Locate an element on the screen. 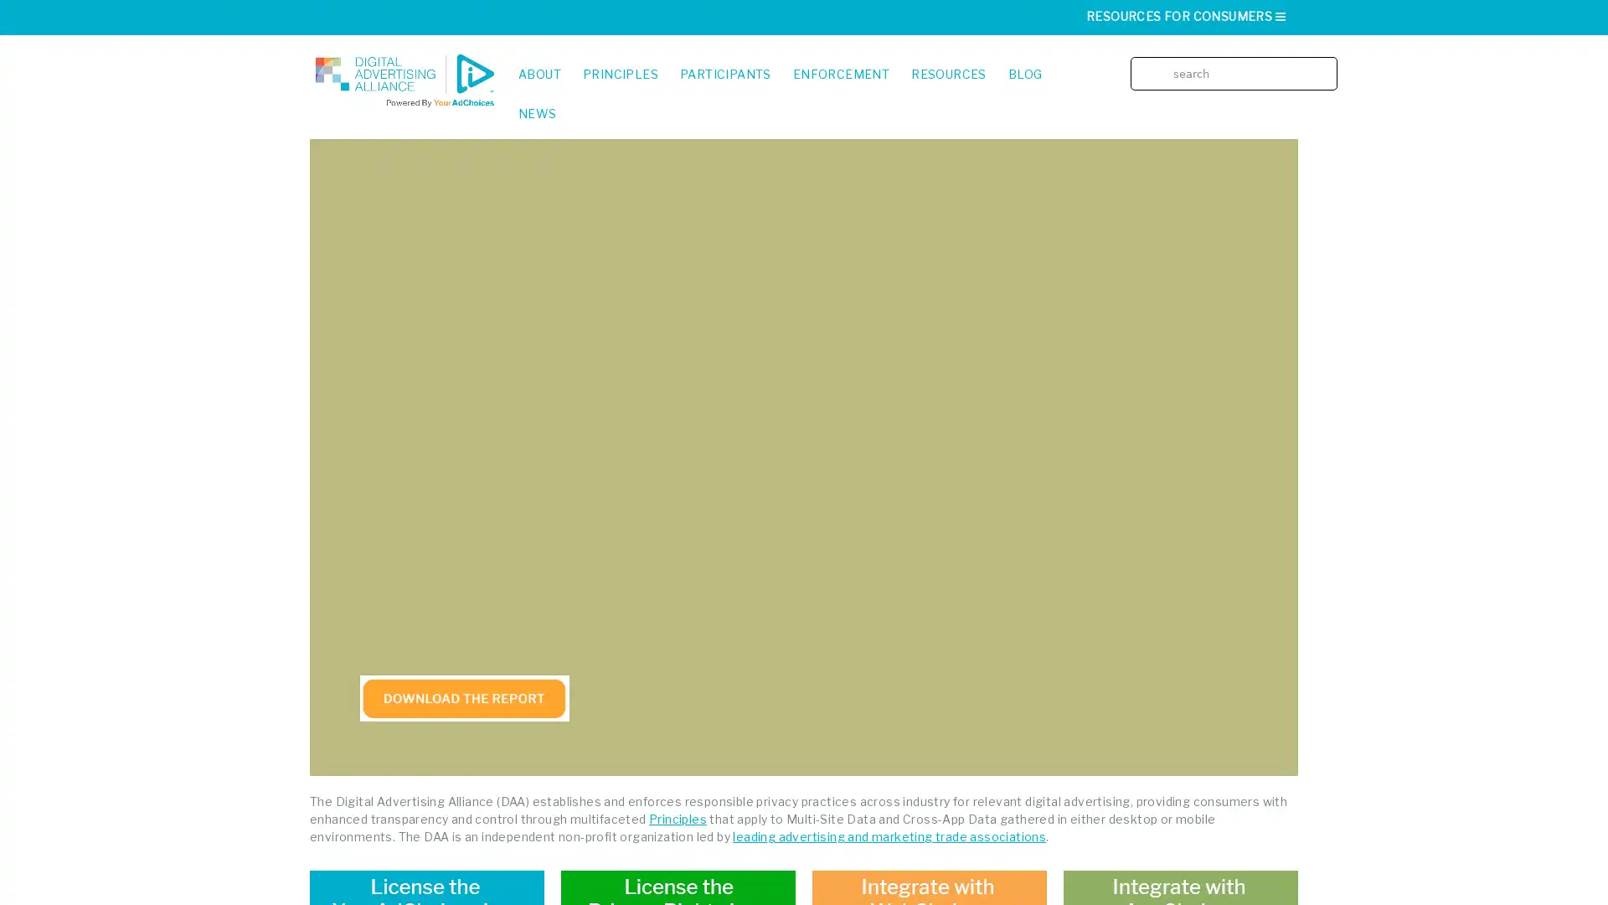  Search is located at coordinates (1330, 60).